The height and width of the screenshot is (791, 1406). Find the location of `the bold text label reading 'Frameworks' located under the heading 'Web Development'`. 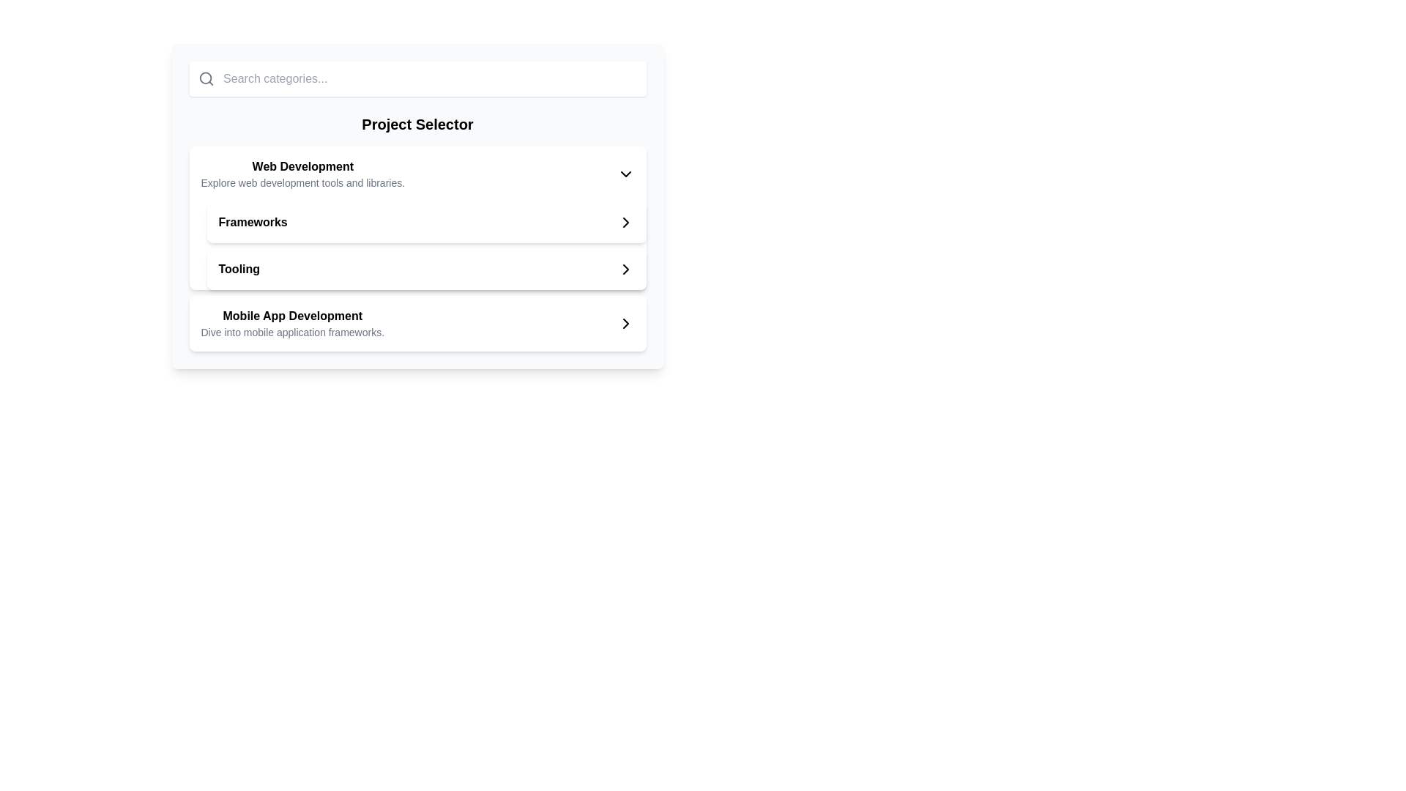

the bold text label reading 'Frameworks' located under the heading 'Web Development' is located at coordinates (253, 223).